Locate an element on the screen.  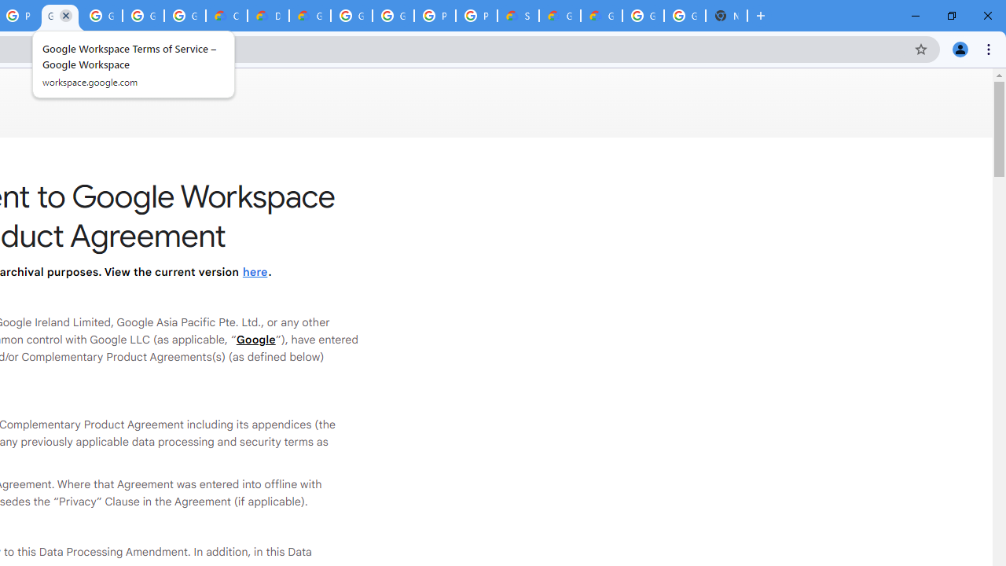
'Google Cloud Platform' is located at coordinates (643, 16).